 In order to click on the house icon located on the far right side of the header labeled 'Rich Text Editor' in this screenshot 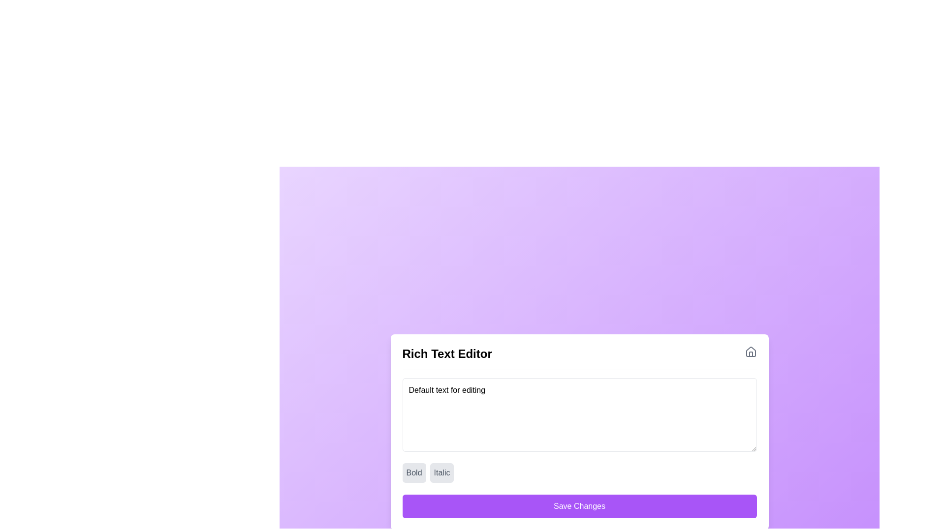, I will do `click(750, 352)`.